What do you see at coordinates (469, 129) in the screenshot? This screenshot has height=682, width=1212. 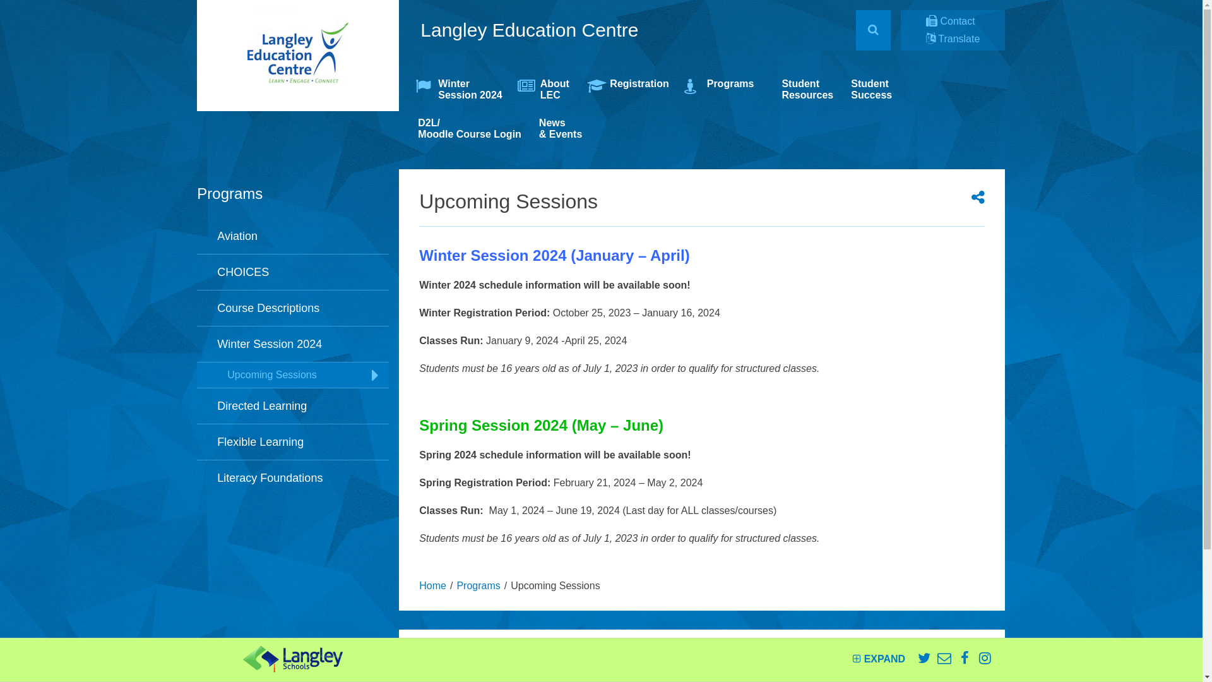 I see `'D2L/` at bounding box center [469, 129].